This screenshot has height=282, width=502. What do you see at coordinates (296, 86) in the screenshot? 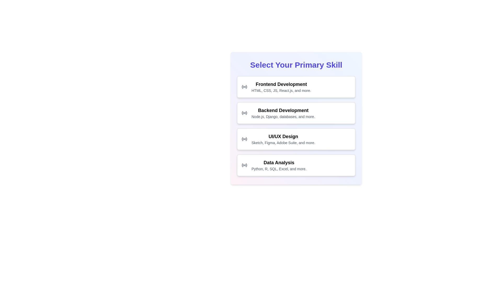
I see `the 'Frontend Development' skill category card, which is the first card in a vertically arranged list of skill categories` at bounding box center [296, 86].